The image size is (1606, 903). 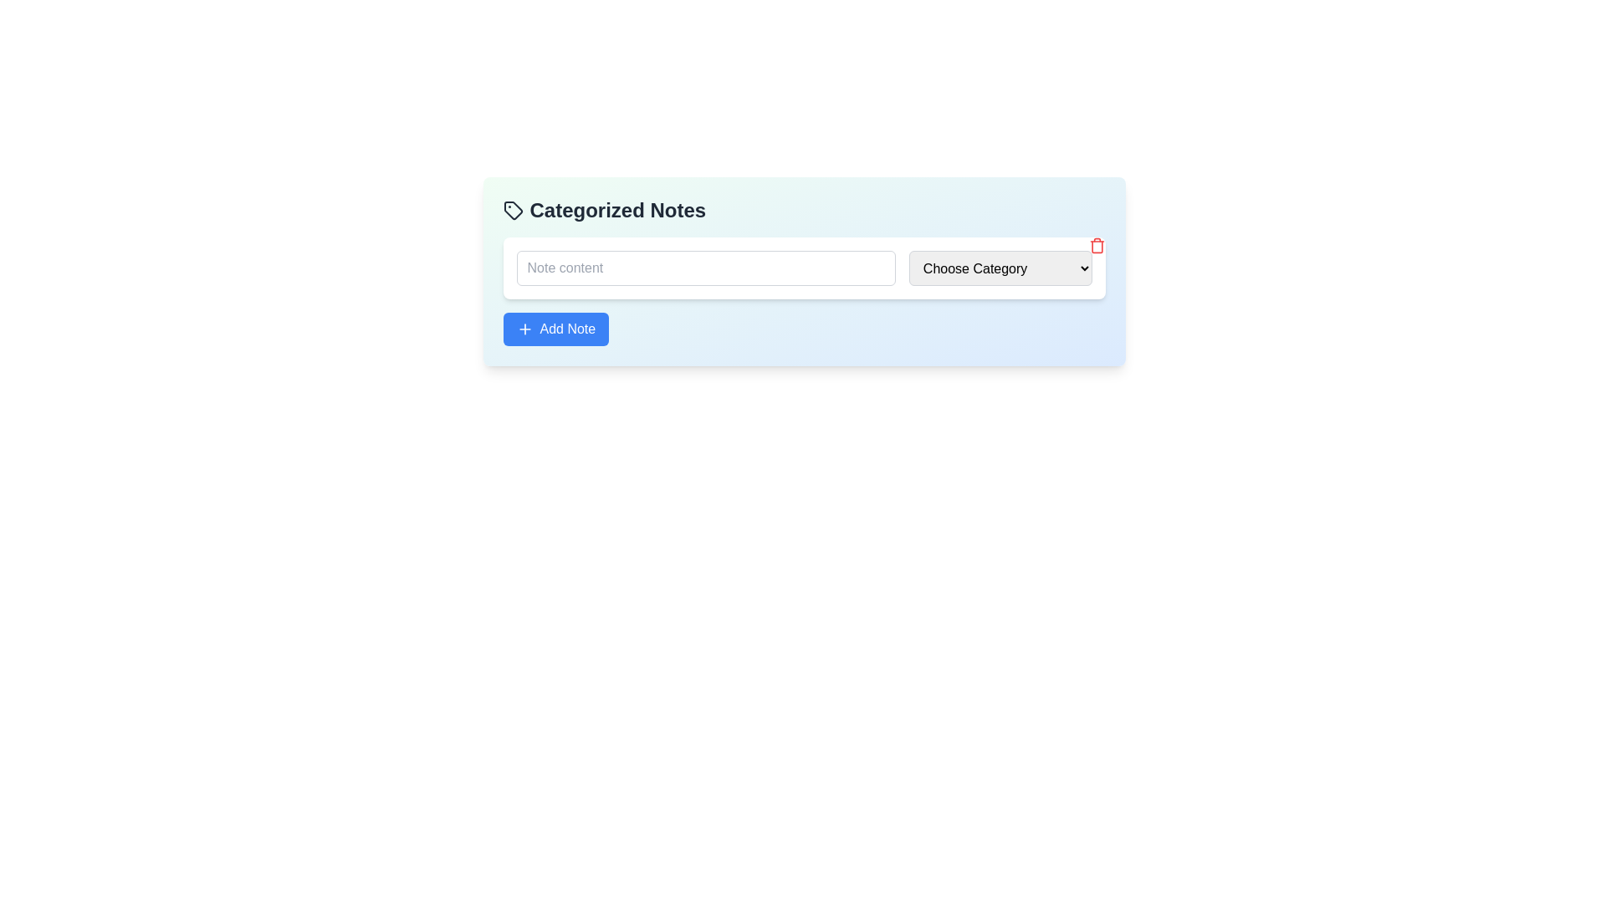 What do you see at coordinates (524, 329) in the screenshot?
I see `the plus icon located at the bottom-left corner of the main note interface to initiate an action` at bounding box center [524, 329].